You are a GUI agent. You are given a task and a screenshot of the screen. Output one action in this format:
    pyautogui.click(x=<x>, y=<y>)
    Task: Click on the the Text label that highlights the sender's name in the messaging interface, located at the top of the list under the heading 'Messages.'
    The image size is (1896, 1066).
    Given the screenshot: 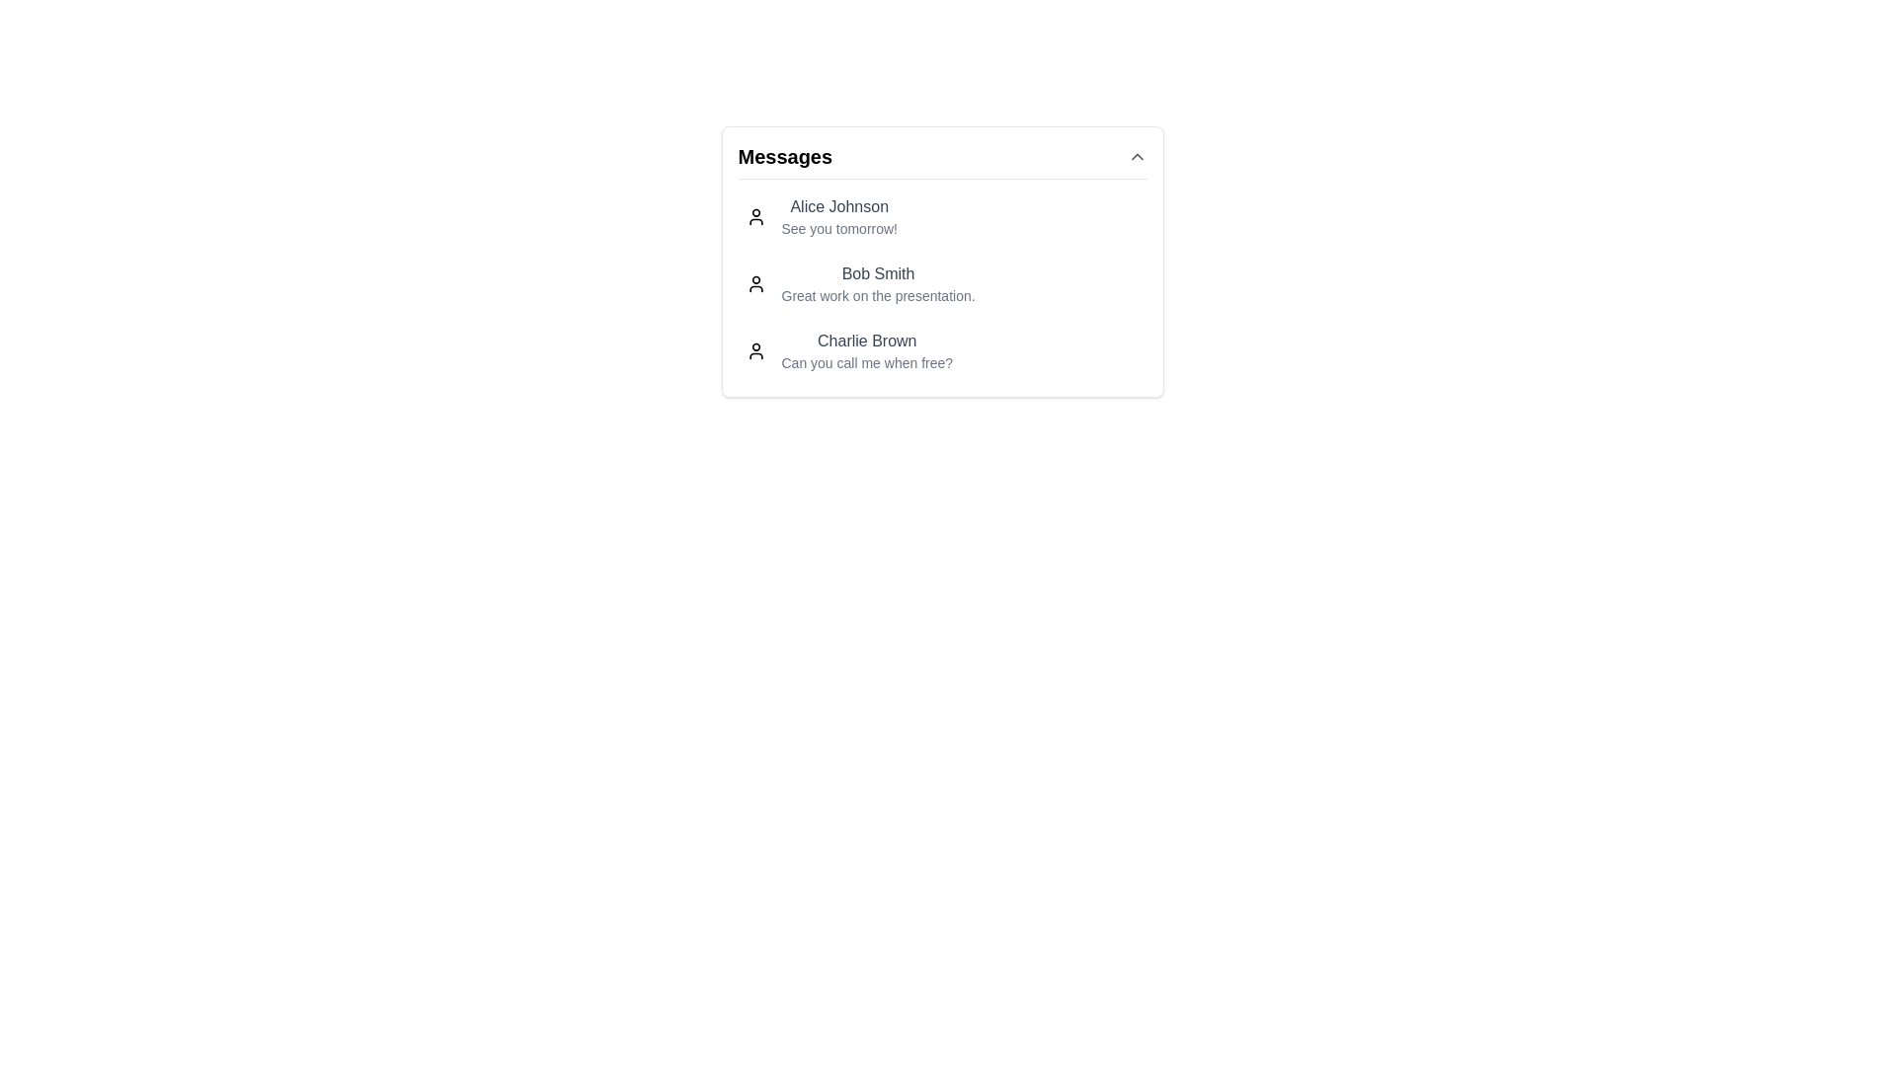 What is the action you would take?
    pyautogui.click(x=839, y=206)
    